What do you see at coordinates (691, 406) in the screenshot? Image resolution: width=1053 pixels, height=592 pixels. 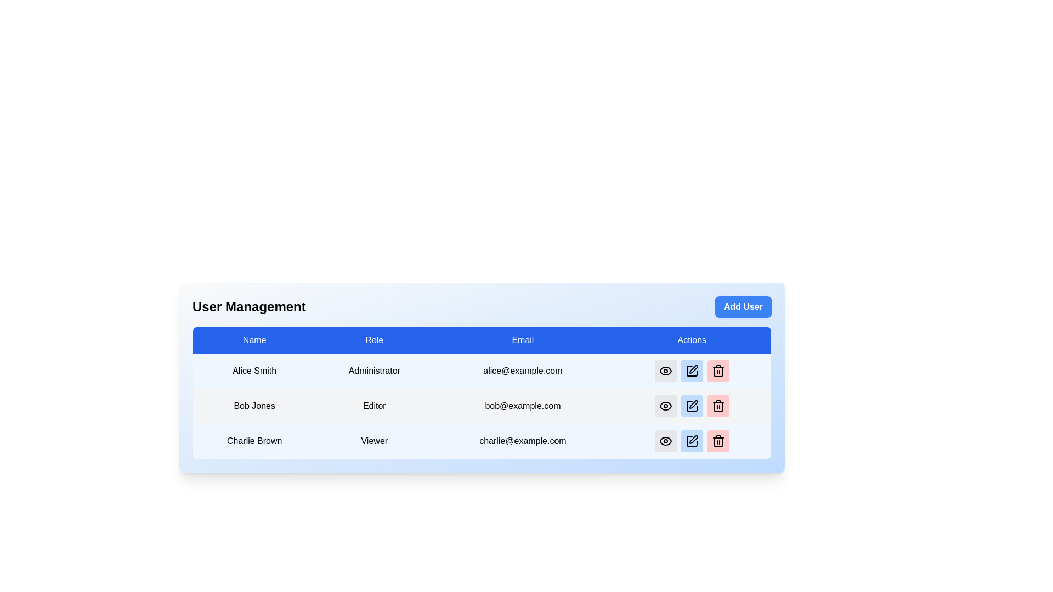 I see `the pen and square icon in the Action column of the user management table to initiate editing` at bounding box center [691, 406].